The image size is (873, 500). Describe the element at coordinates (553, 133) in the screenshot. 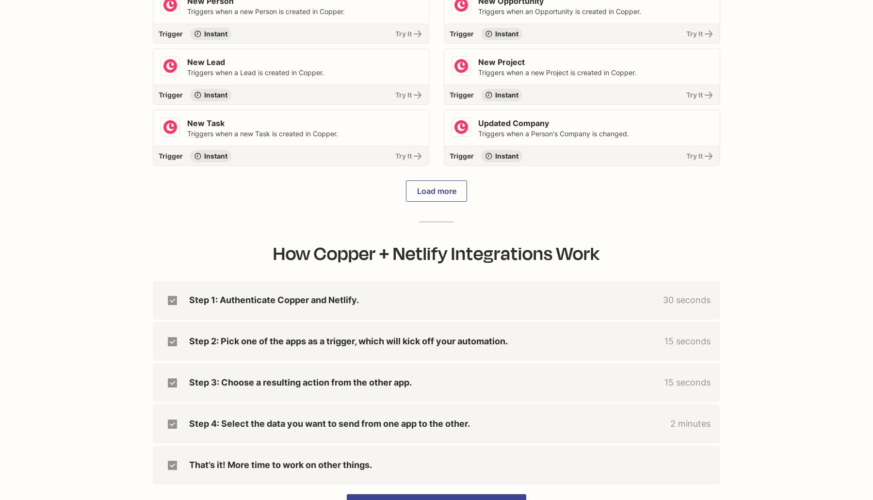

I see `'Triggers when a Person's Company is changed.'` at that location.